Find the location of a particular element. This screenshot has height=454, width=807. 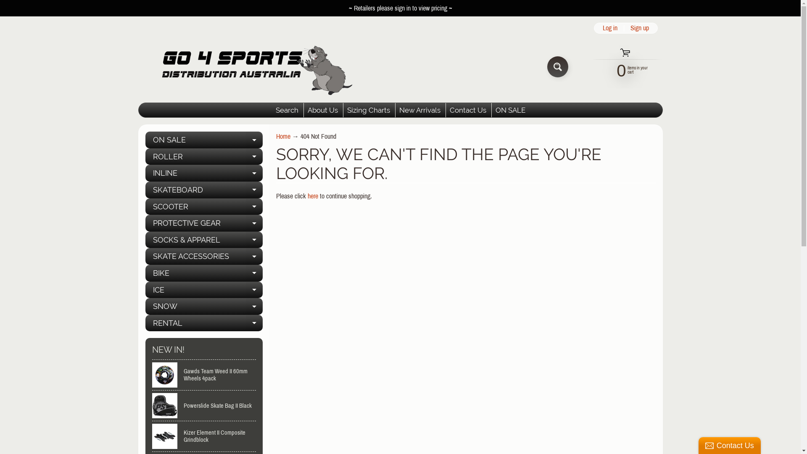

'About Us' is located at coordinates (303, 110).